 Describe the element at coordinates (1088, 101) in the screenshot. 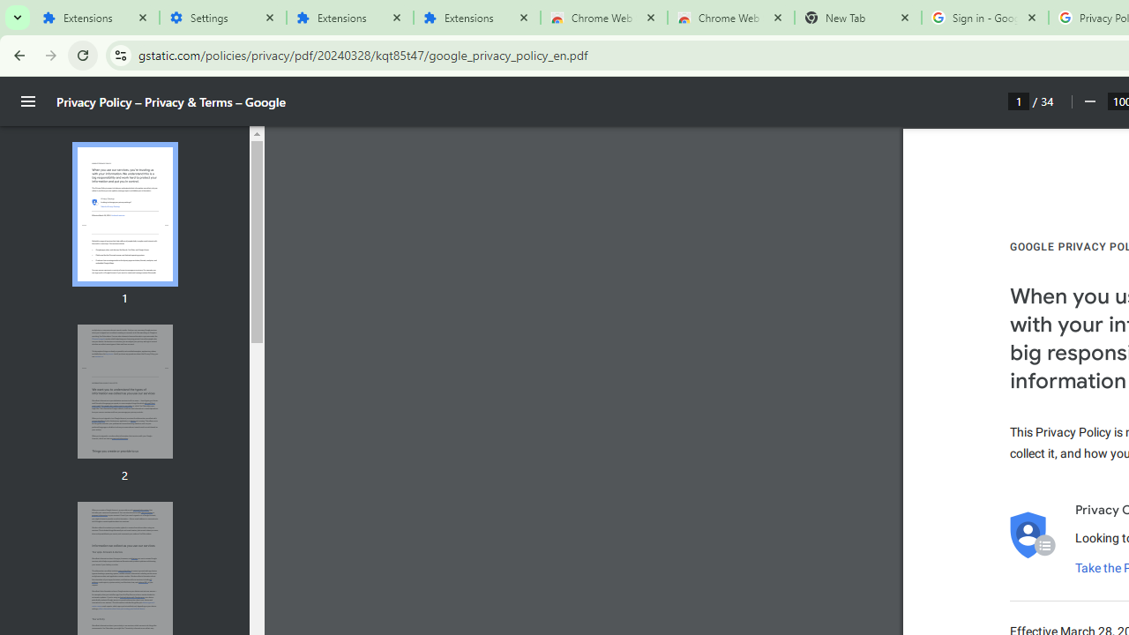

I see `'Zoom out'` at that location.